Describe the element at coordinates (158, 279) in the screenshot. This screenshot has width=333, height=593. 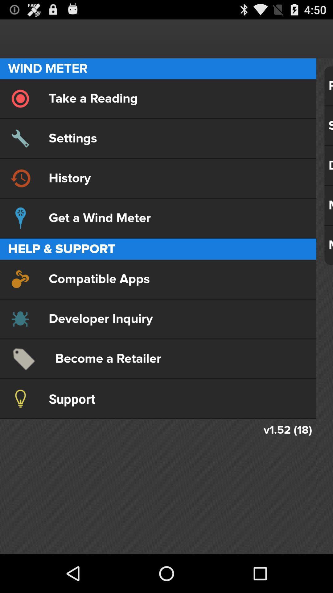
I see `the icon next to maximum sample period item` at that location.